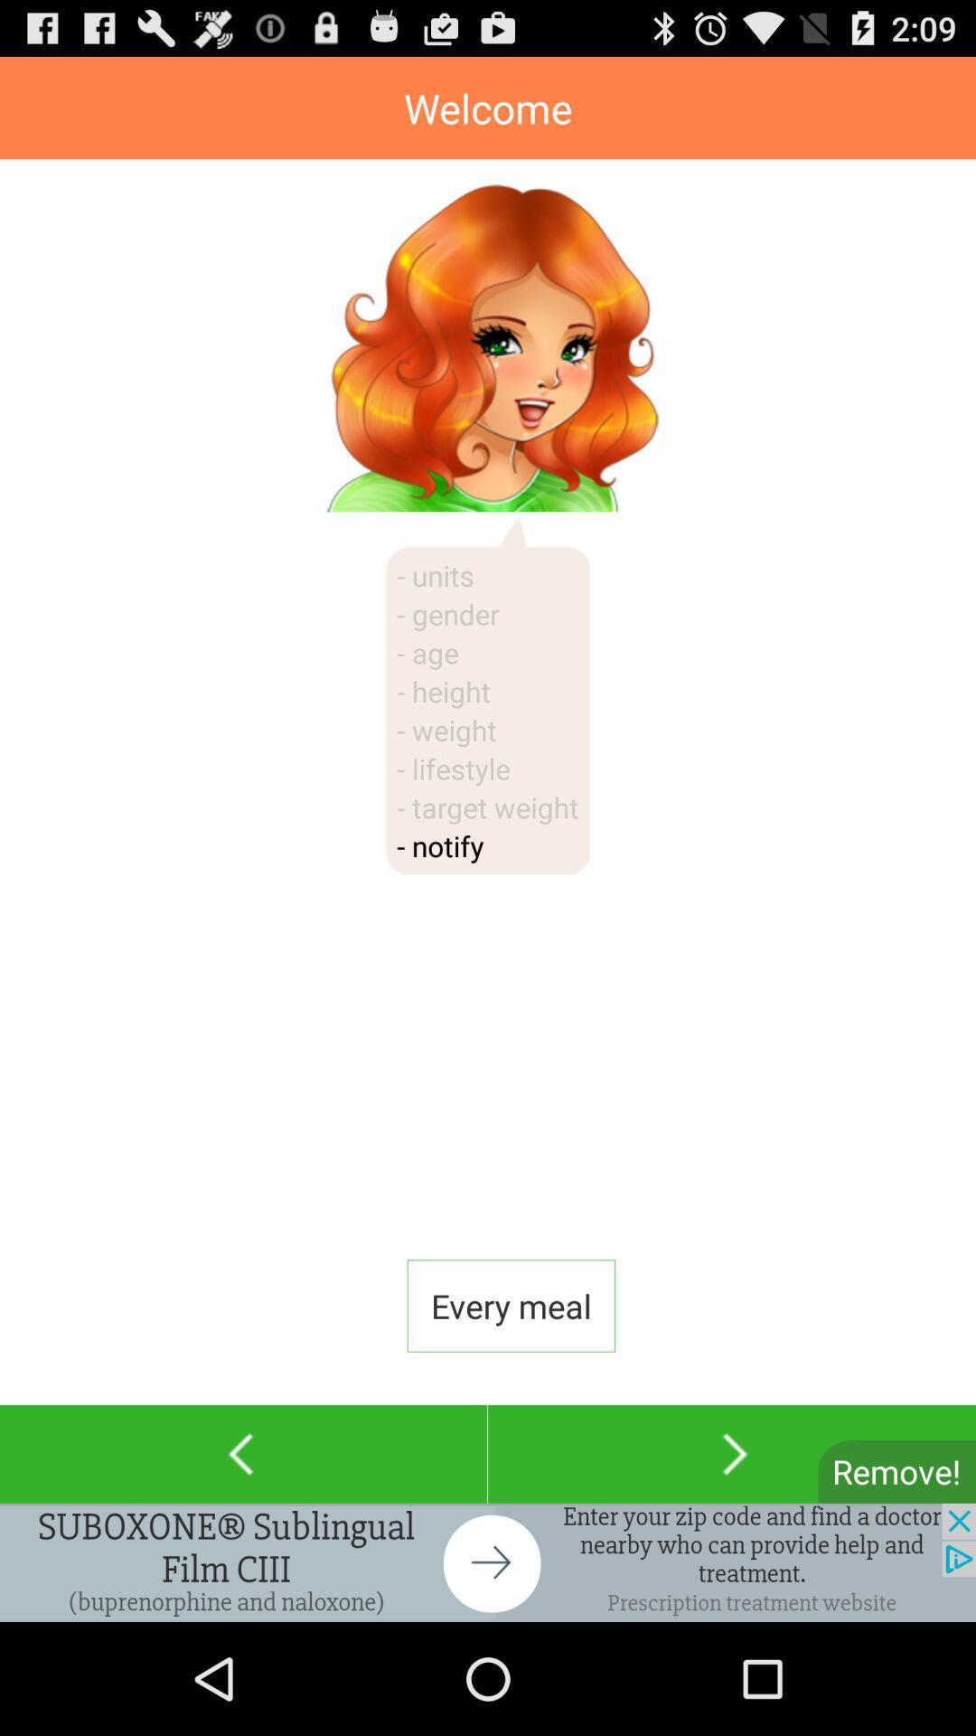 The width and height of the screenshot is (976, 1736). What do you see at coordinates (488, 1561) in the screenshot?
I see `treatment option` at bounding box center [488, 1561].